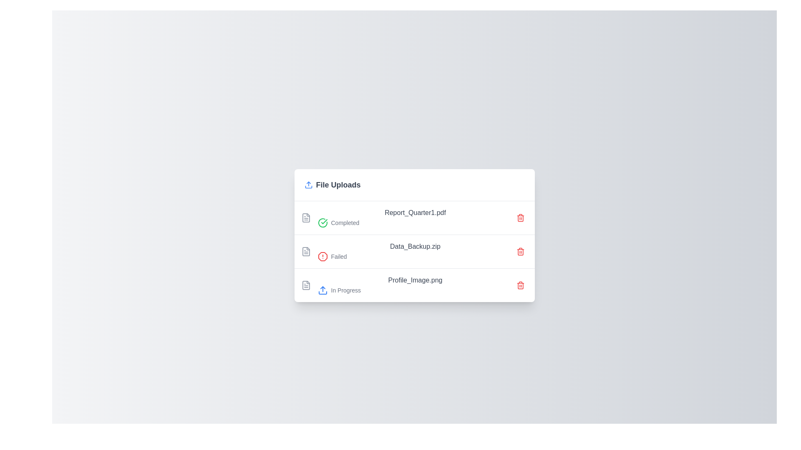 The width and height of the screenshot is (801, 450). Describe the element at coordinates (305, 251) in the screenshot. I see `the file type icon located in the second row of the file uploads table, positioned before 'Failed' and the file name 'Data_Backup.zip'` at that location.